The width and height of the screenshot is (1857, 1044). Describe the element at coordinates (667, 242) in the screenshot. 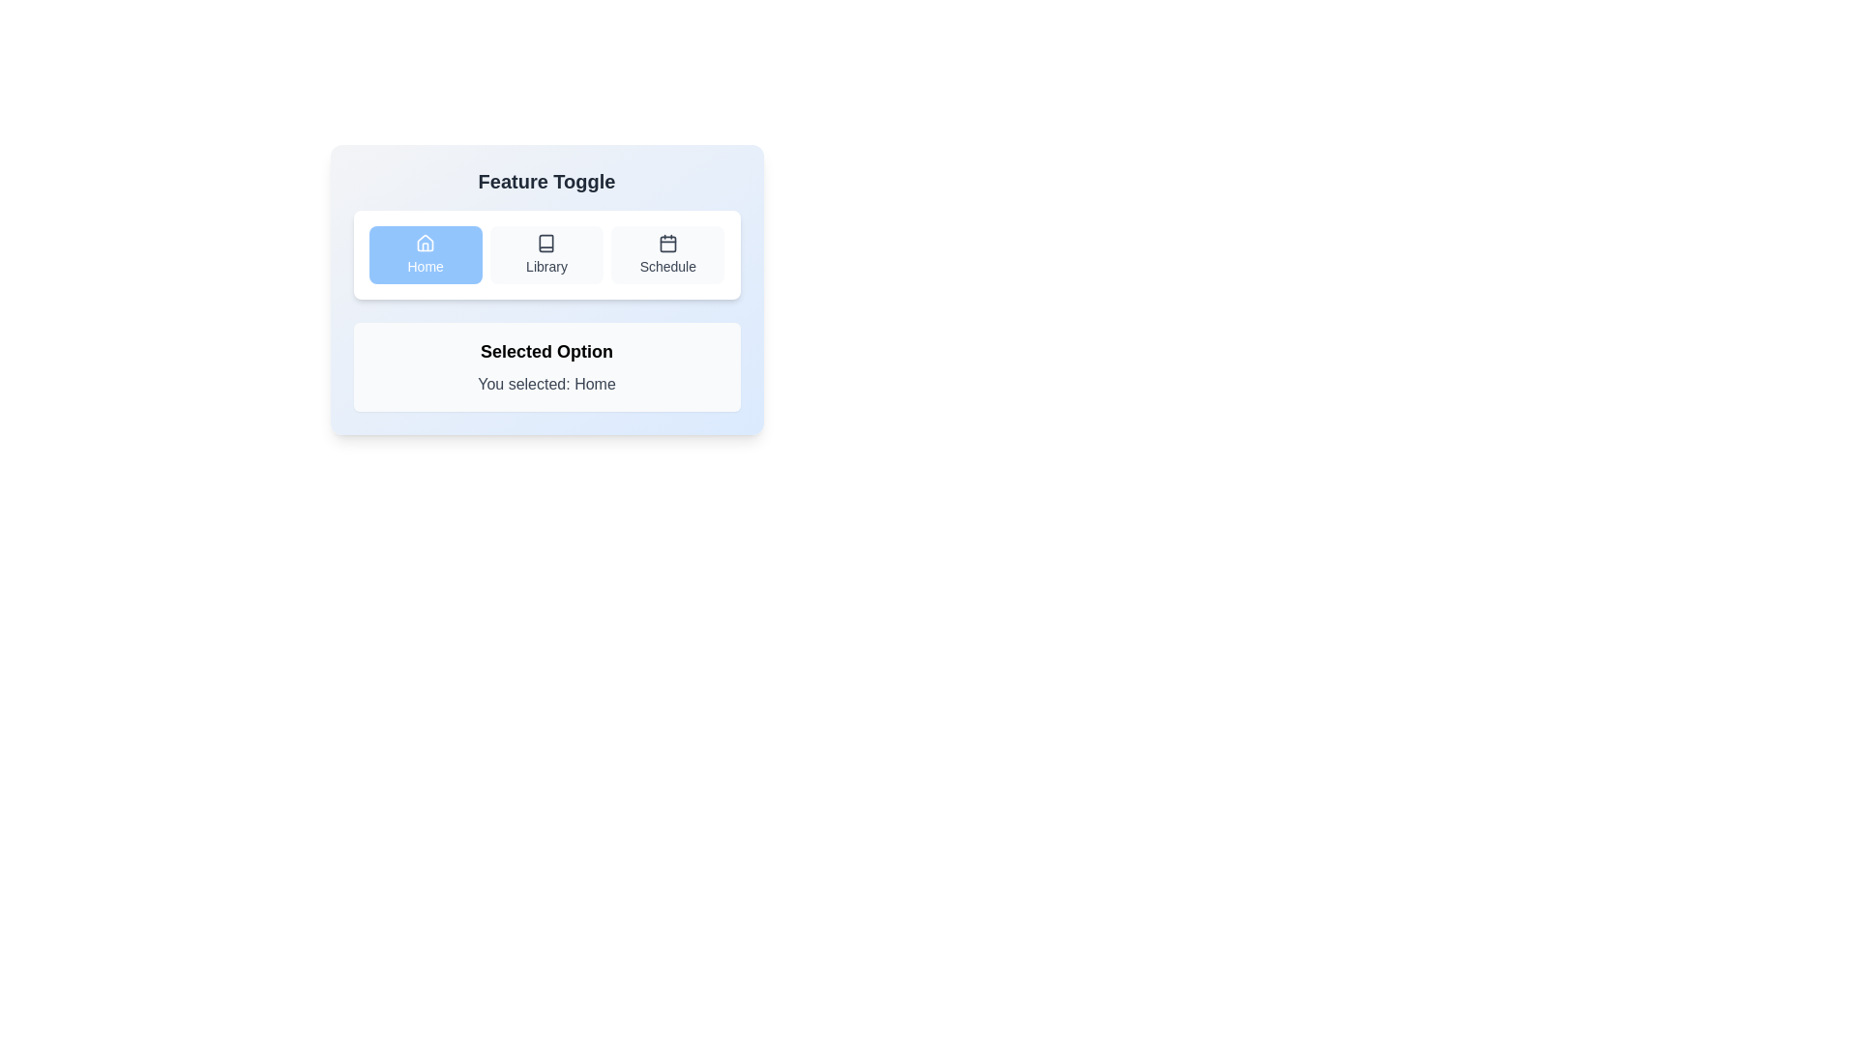

I see `the calendar icon, which is the third button in the 'Schedule' button group below the 'Feature Toggle' heading` at that location.